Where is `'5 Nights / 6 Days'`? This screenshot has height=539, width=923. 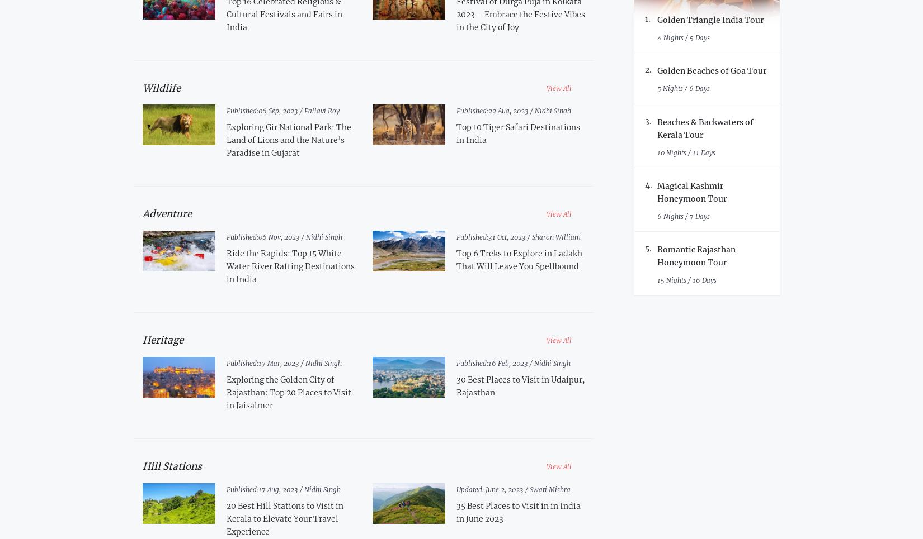
'5 Nights / 6 Days' is located at coordinates (683, 88).